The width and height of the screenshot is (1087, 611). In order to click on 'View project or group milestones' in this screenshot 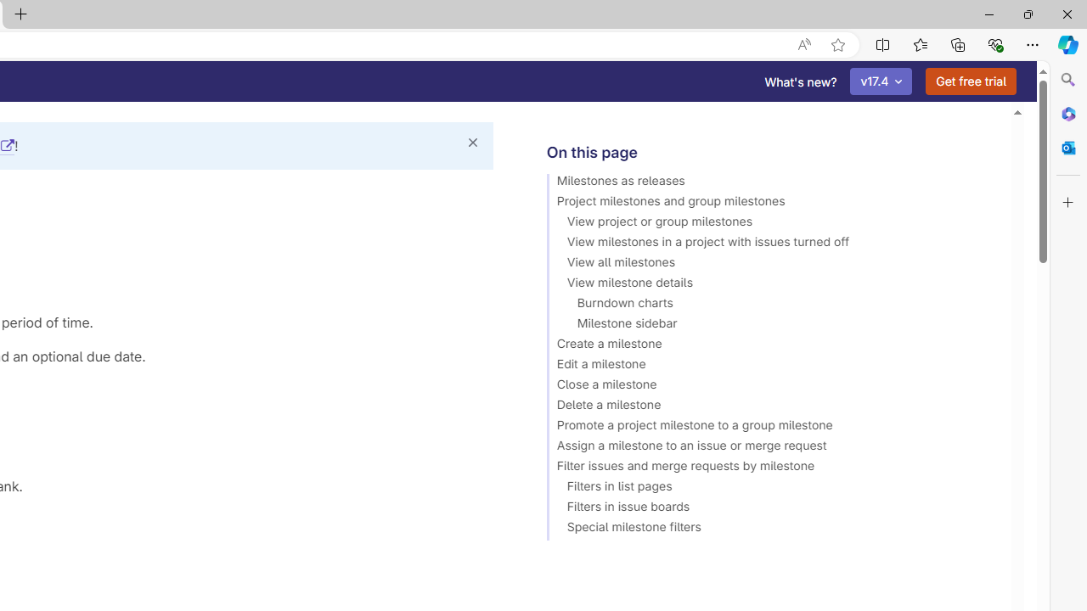, I will do `click(770, 223)`.